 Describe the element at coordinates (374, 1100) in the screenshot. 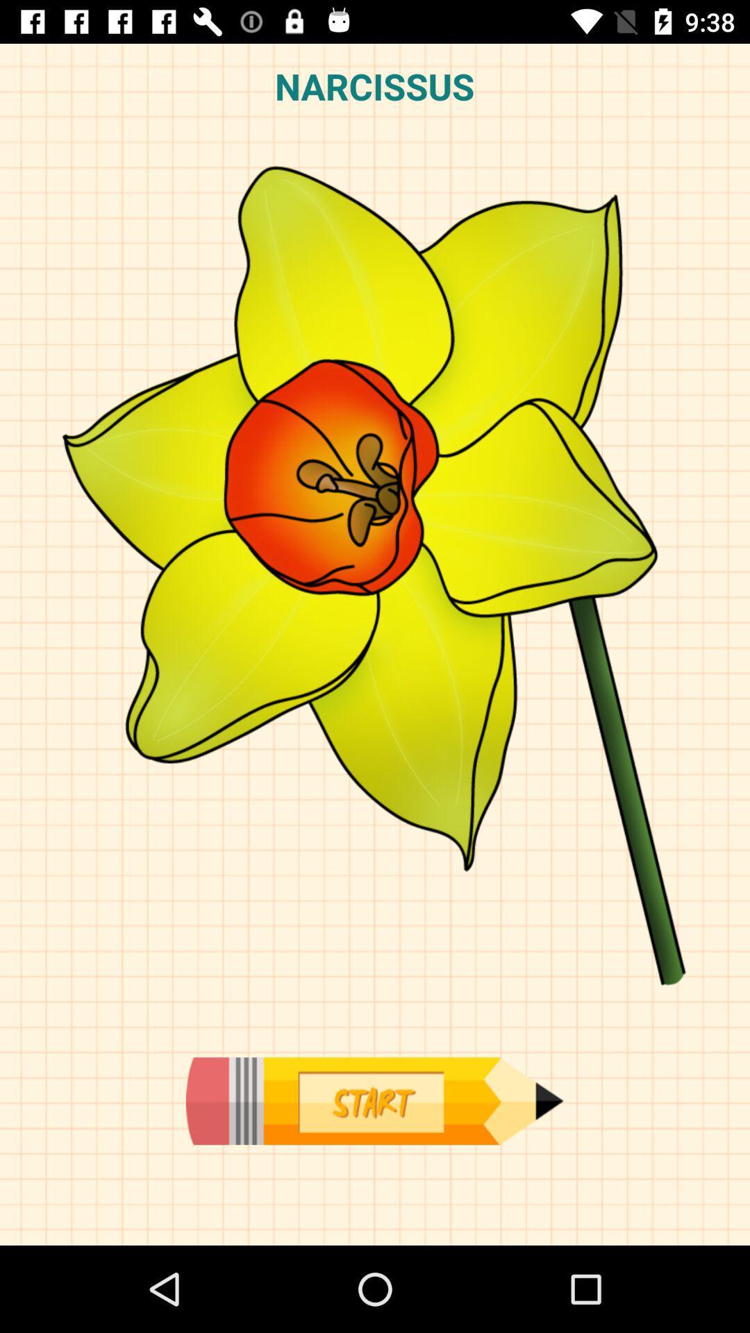

I see `start now` at that location.